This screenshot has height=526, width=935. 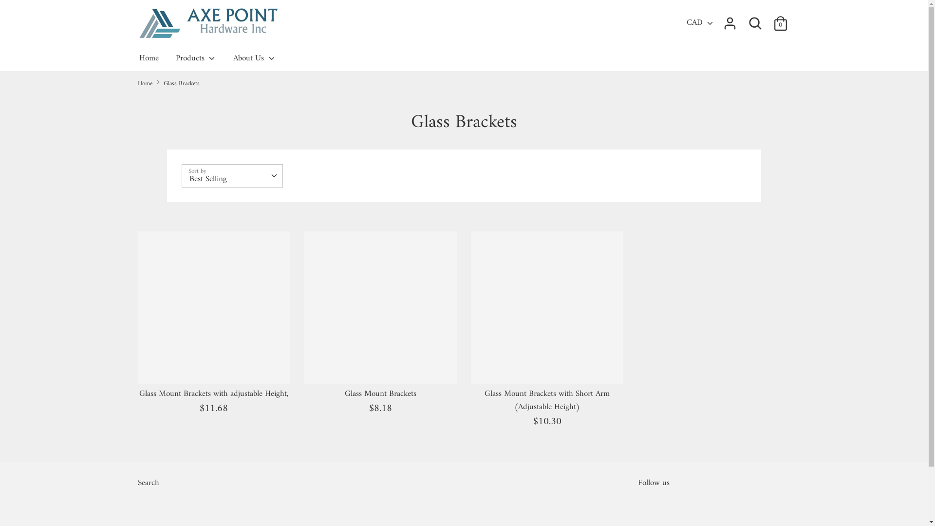 I want to click on 'Glass Brackets', so click(x=182, y=83).